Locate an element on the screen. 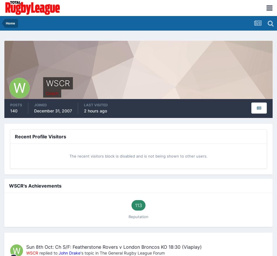 The image size is (277, 256). 'Coach' is located at coordinates (46, 93).